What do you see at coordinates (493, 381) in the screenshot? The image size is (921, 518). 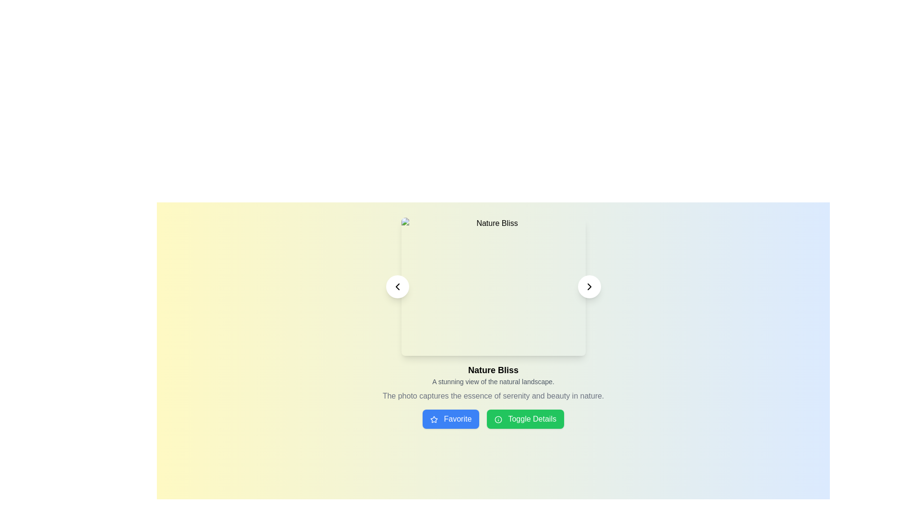 I see `the text label that reads 'A stunning view of the natural landscape.' which is styled in smaller, gray-colored font and is located below the title 'Nature Bliss'` at bounding box center [493, 381].